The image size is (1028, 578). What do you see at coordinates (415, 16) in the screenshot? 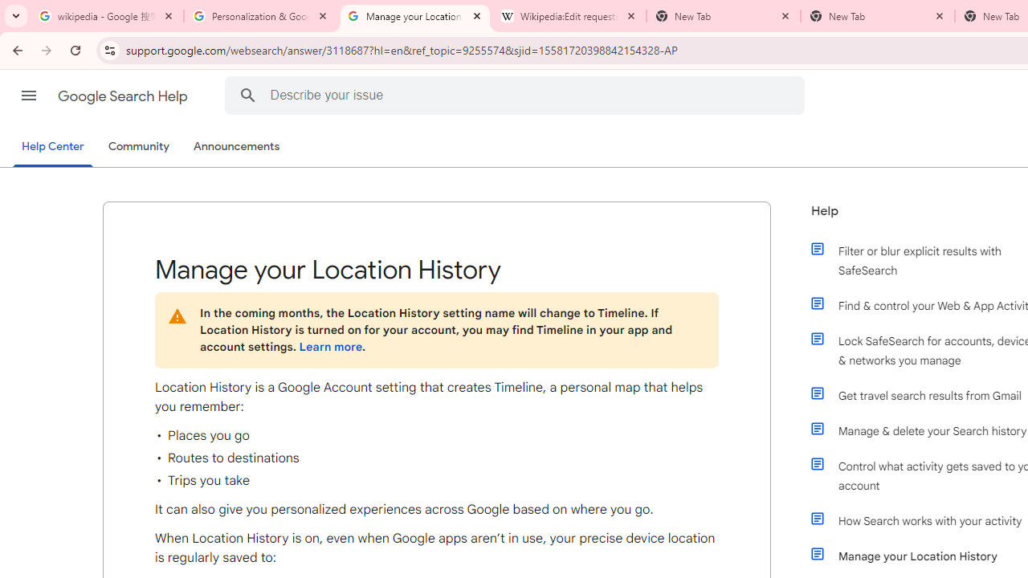
I see `'Manage your Location History - Google Search Help'` at bounding box center [415, 16].